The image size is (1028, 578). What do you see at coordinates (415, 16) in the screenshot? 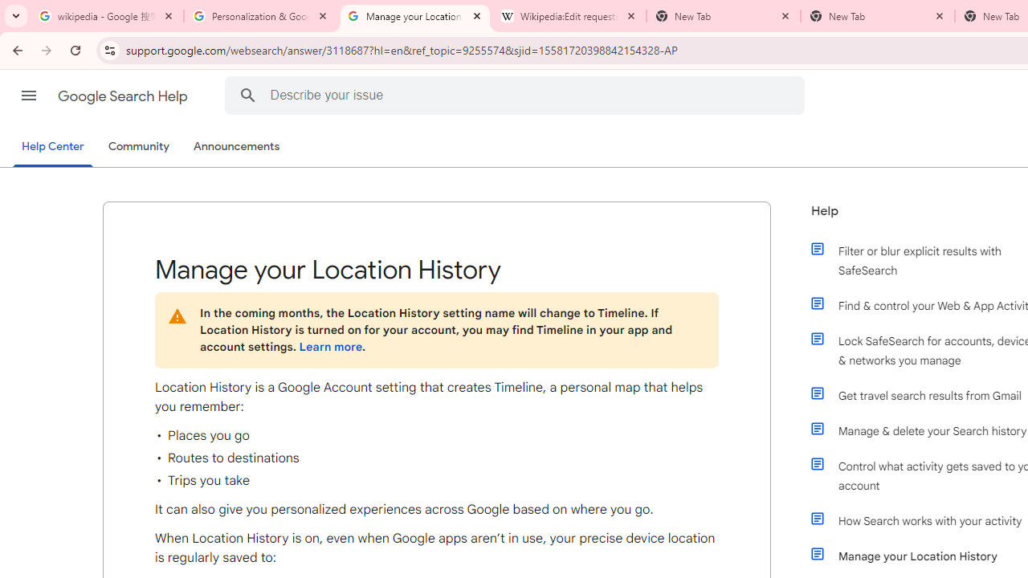
I see `'Manage your Location History - Google Search Help'` at bounding box center [415, 16].